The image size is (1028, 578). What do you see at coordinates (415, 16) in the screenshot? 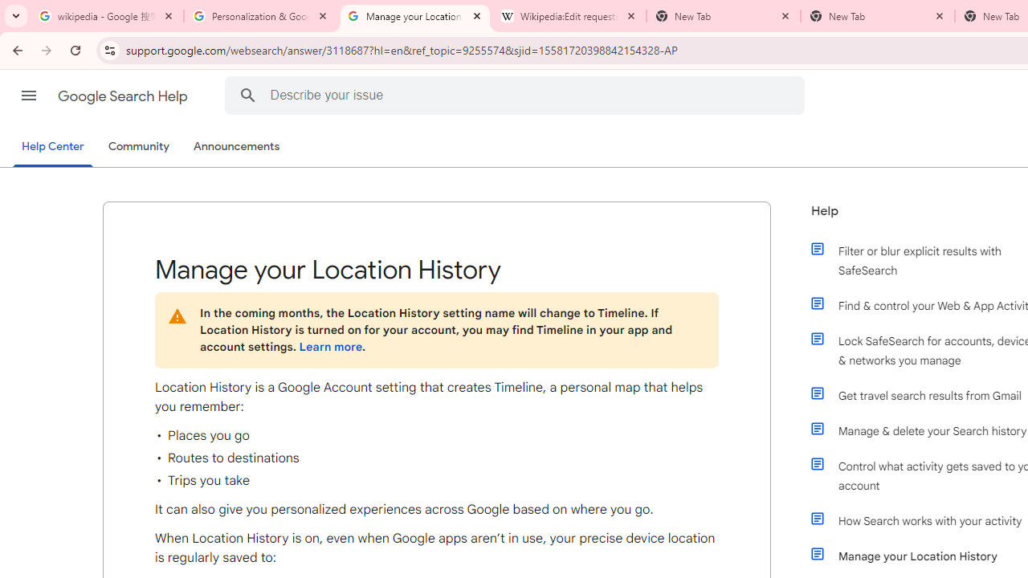
I see `'Manage your Location History - Google Search Help'` at bounding box center [415, 16].